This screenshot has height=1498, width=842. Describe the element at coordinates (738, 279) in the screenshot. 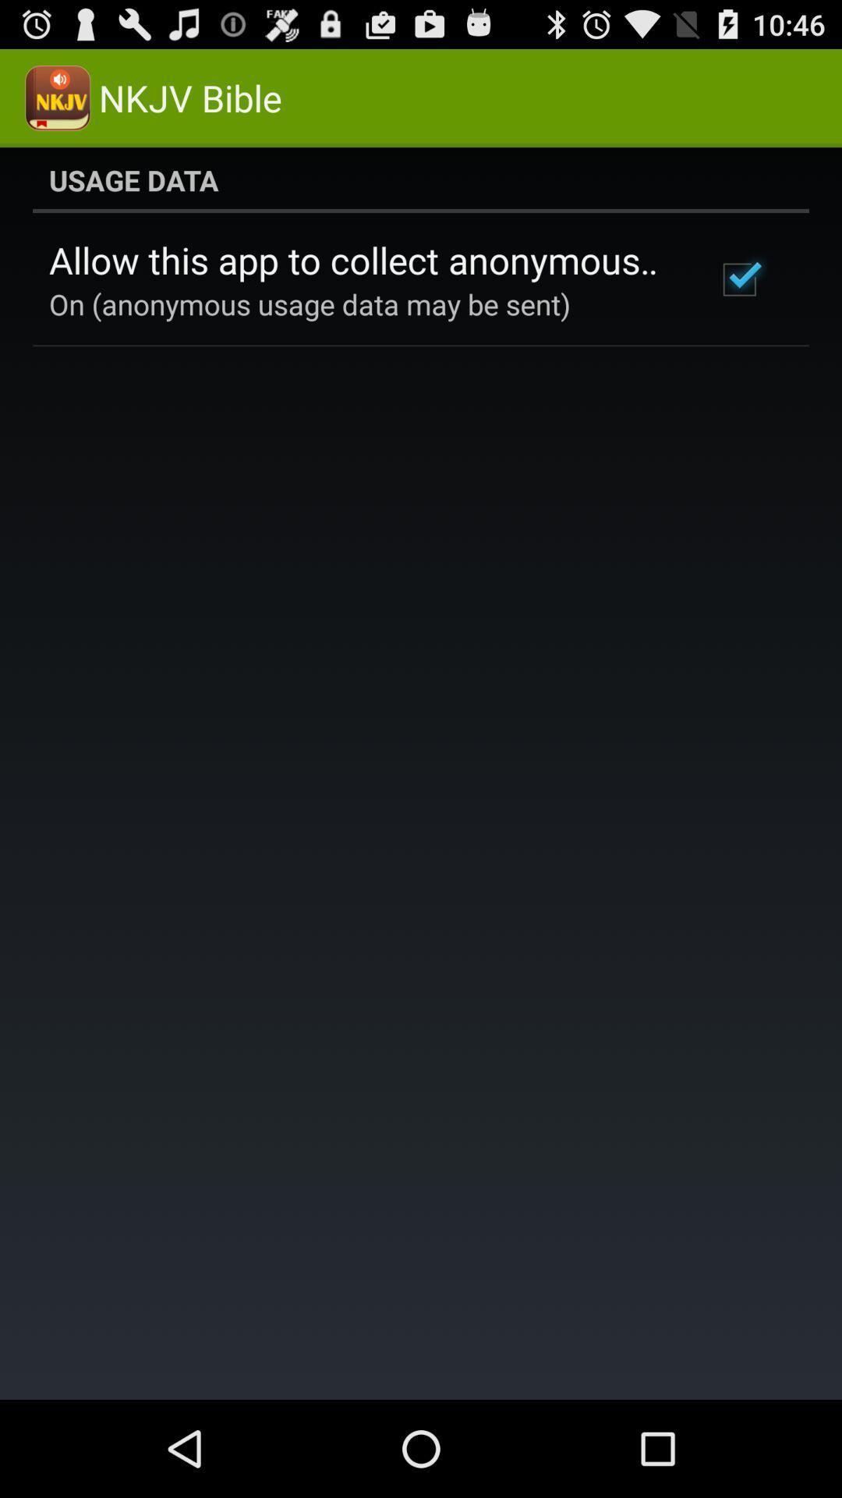

I see `item to the right of the allow this app` at that location.